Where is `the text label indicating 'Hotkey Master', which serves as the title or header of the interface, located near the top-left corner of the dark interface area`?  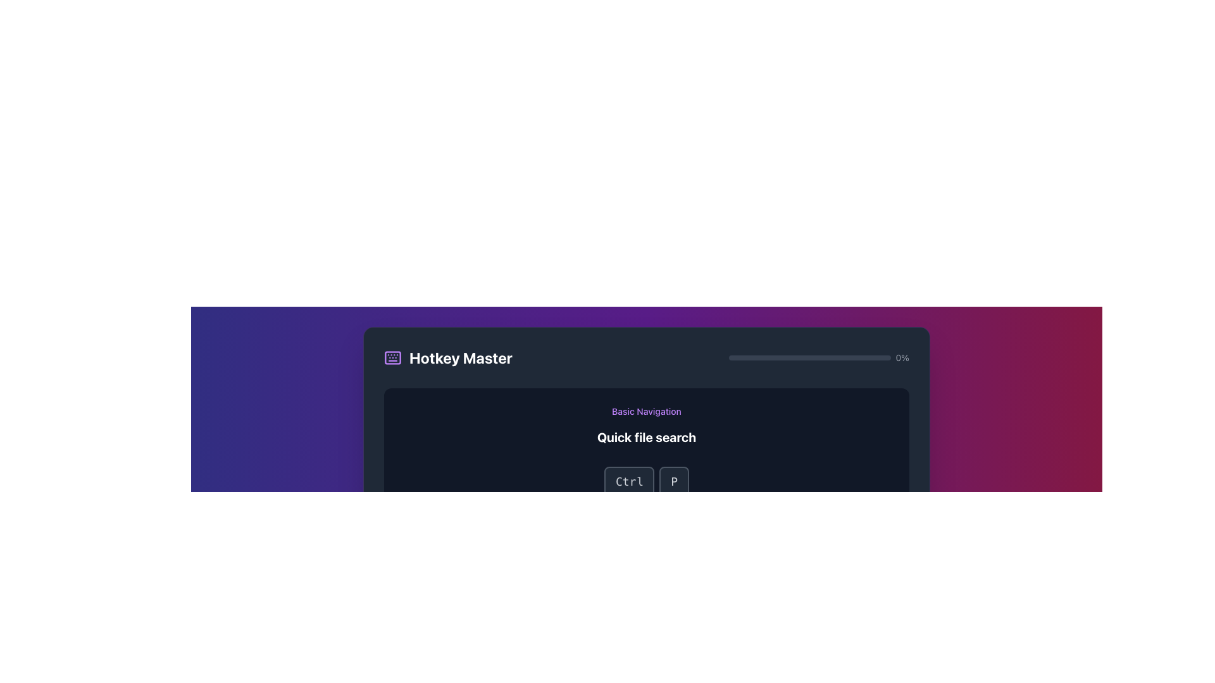
the text label indicating 'Hotkey Master', which serves as the title or header of the interface, located near the top-left corner of the dark interface area is located at coordinates (460, 358).